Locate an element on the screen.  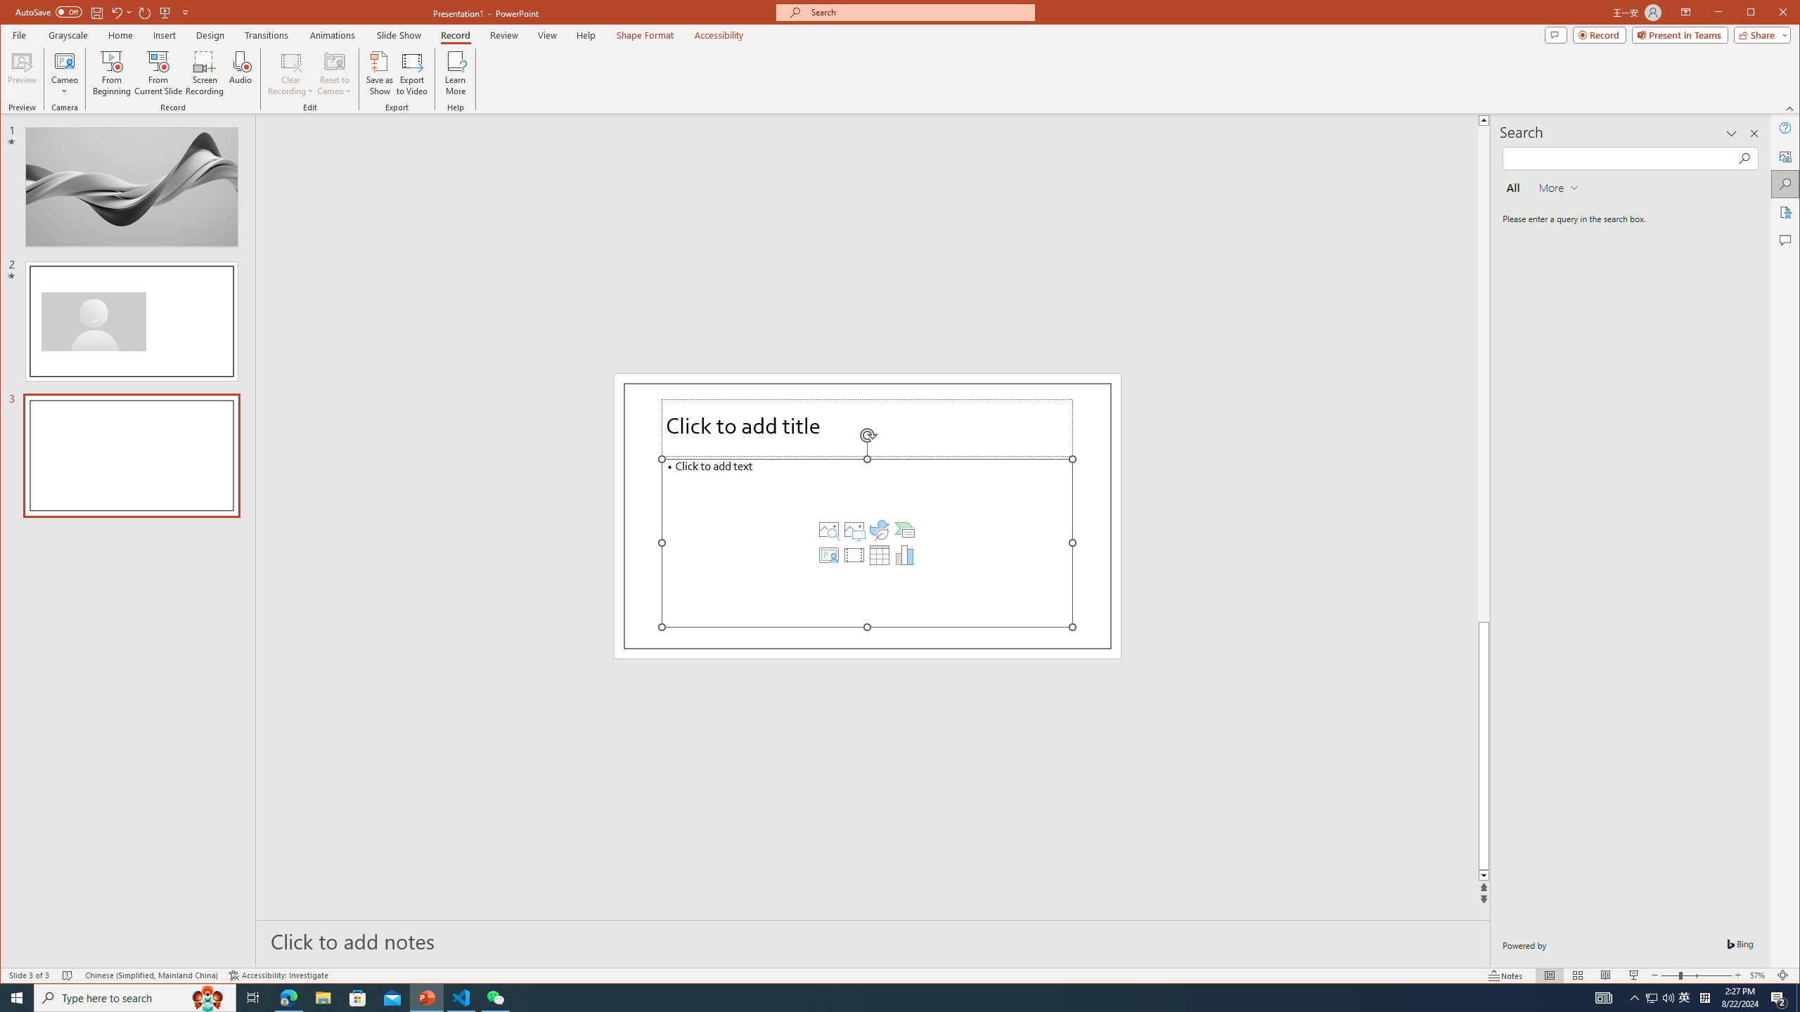
'Learn More' is located at coordinates (455, 72).